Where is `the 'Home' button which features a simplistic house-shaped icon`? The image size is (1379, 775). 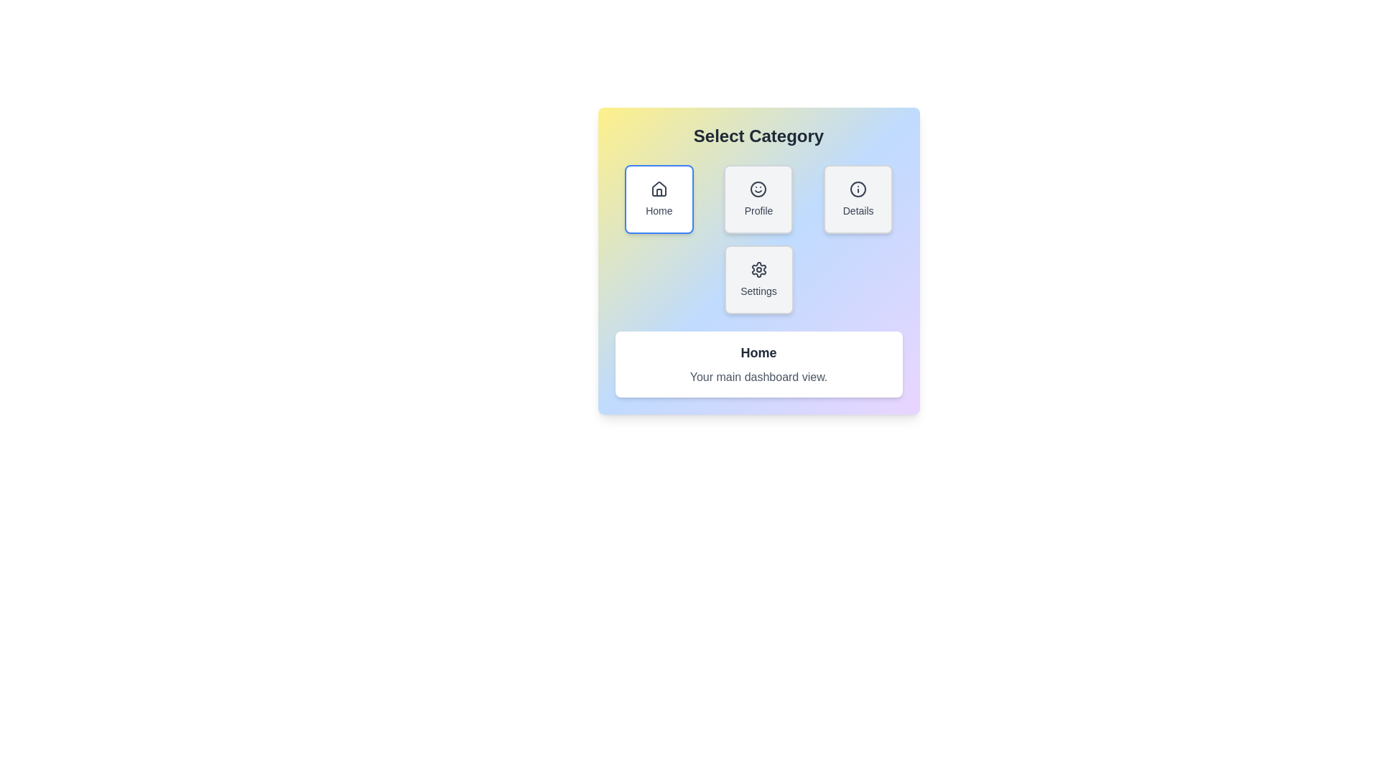
the 'Home' button which features a simplistic house-shaped icon is located at coordinates (658, 188).